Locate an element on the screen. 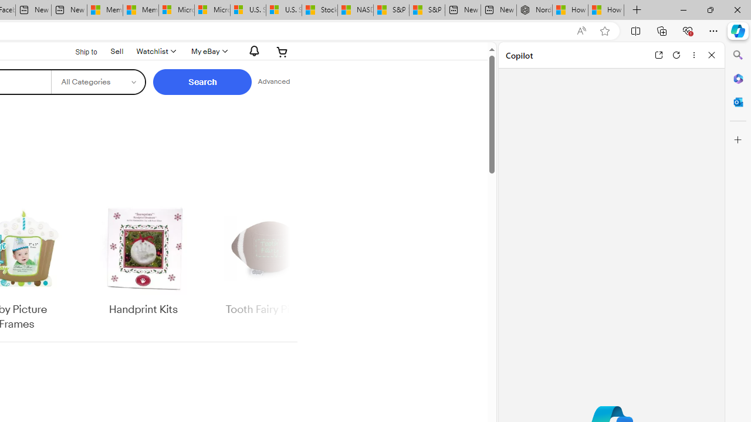 The width and height of the screenshot is (751, 422). 'More options' is located at coordinates (694, 55).